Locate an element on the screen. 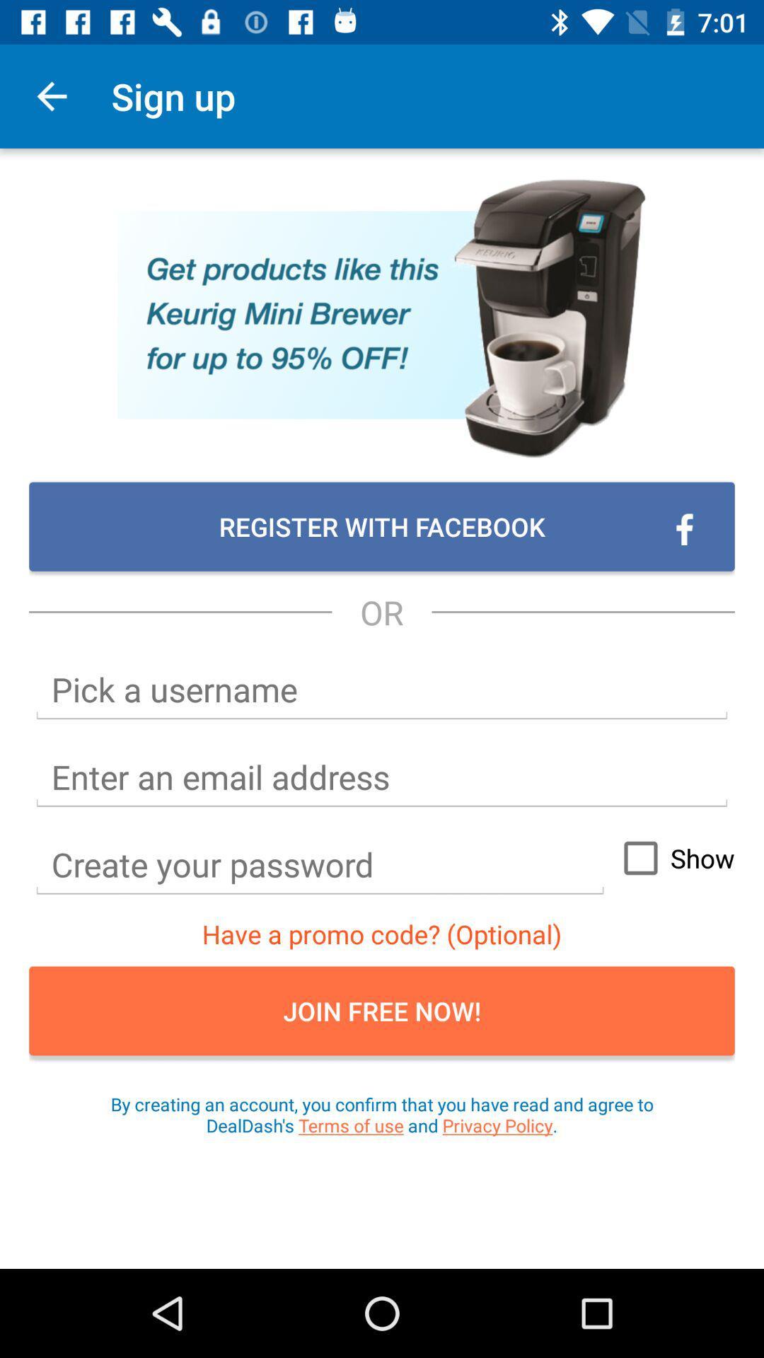  by creating an icon is located at coordinates (382, 1114).